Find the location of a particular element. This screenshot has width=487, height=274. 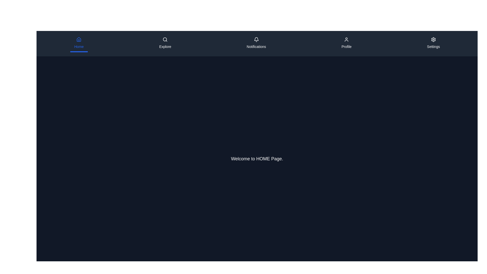

the magnifying glass icon representing the search functionality, which is part of the 'Explore' button in the navigation bar is located at coordinates (165, 39).